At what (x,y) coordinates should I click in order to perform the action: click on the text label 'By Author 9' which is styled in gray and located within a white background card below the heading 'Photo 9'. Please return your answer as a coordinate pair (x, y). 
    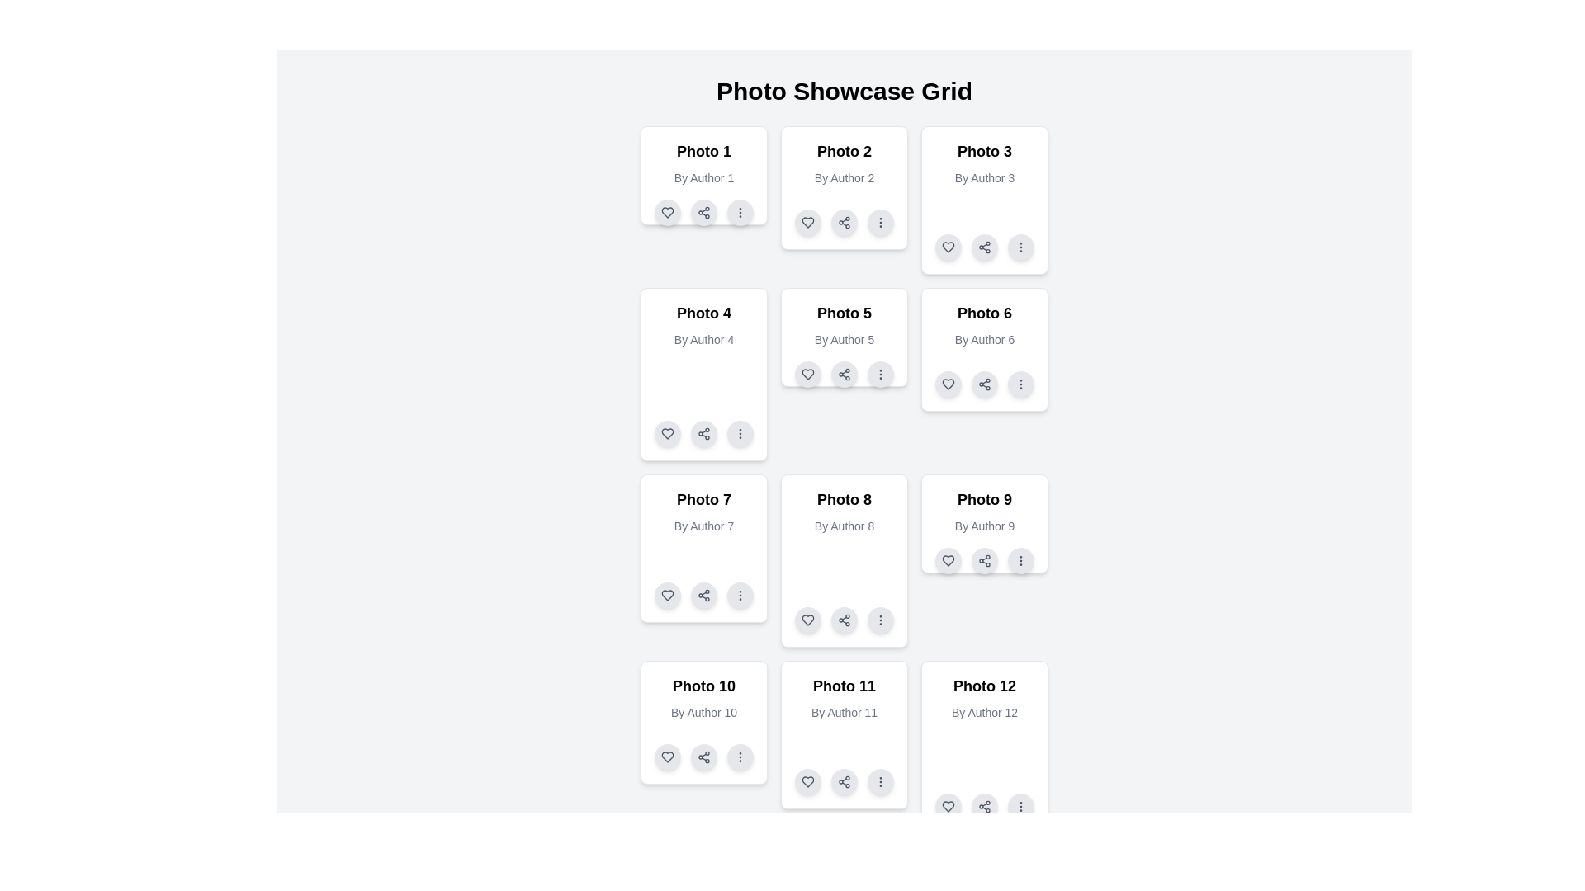
    Looking at the image, I should click on (985, 526).